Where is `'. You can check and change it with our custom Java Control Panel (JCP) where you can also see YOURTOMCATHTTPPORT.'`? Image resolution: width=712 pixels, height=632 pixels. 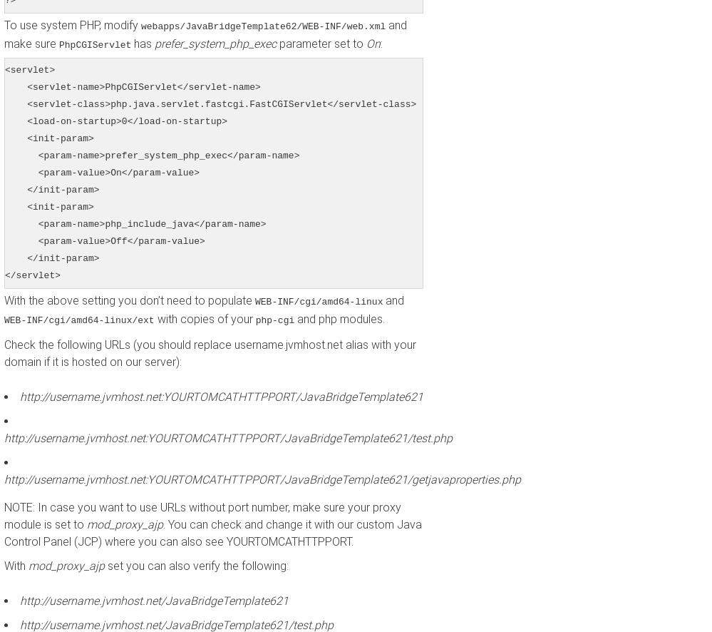 '. You can check and change it with our custom Java Control Panel (JCP) where you can also see YOURTOMCATHTTPPORT.' is located at coordinates (212, 533).